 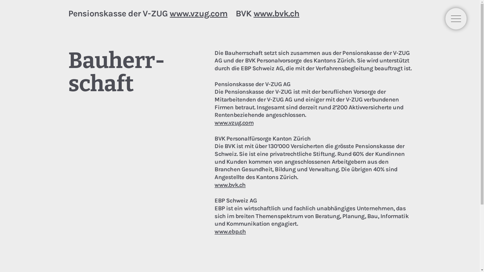 What do you see at coordinates (254, 13) in the screenshot?
I see `'www.bvk.ch'` at bounding box center [254, 13].